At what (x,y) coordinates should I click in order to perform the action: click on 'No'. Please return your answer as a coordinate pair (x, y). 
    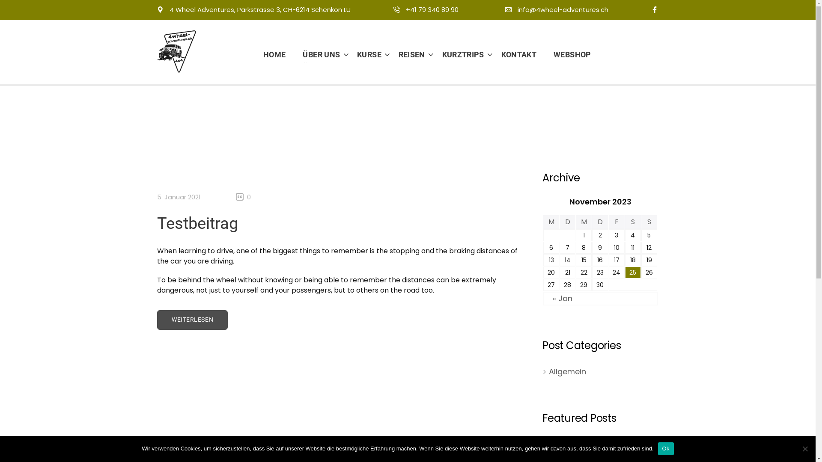
    Looking at the image, I should click on (804, 448).